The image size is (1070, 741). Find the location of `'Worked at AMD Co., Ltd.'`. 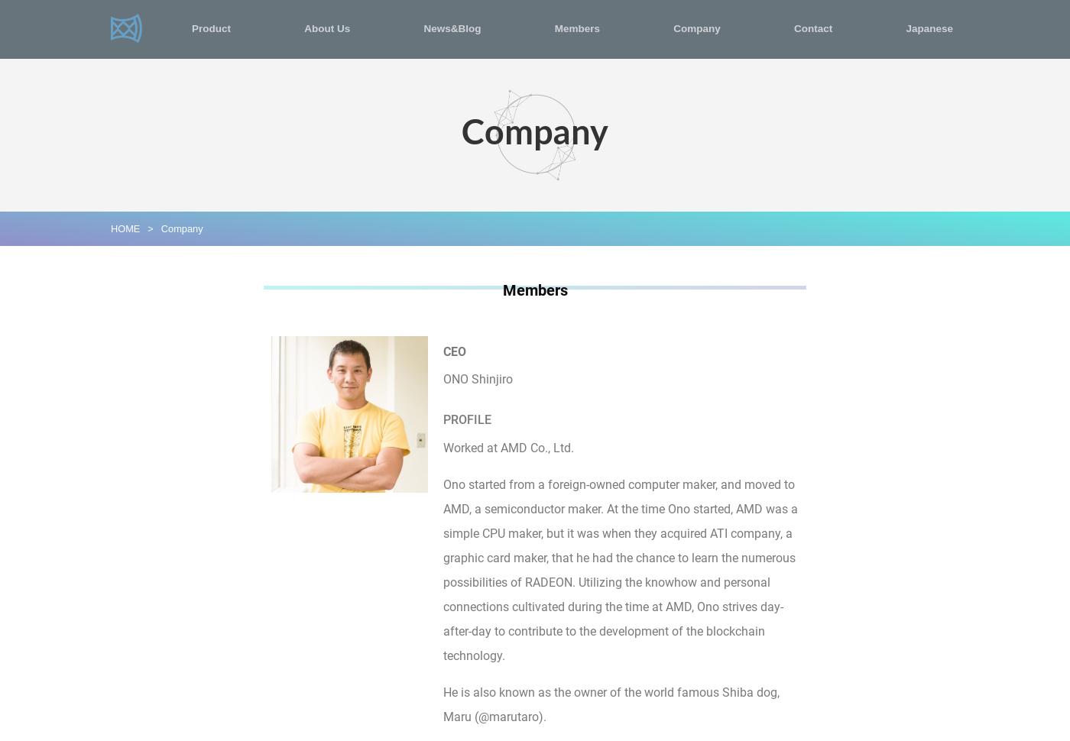

'Worked at AMD Co., Ltd.' is located at coordinates (508, 447).